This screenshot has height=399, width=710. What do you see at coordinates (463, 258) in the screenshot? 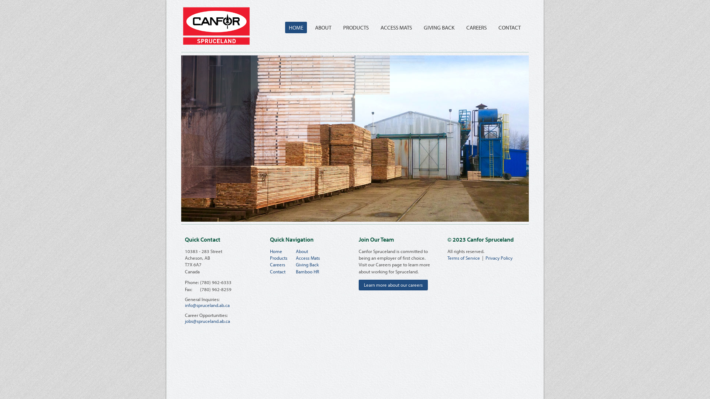
I see `'Terms of Service'` at bounding box center [463, 258].